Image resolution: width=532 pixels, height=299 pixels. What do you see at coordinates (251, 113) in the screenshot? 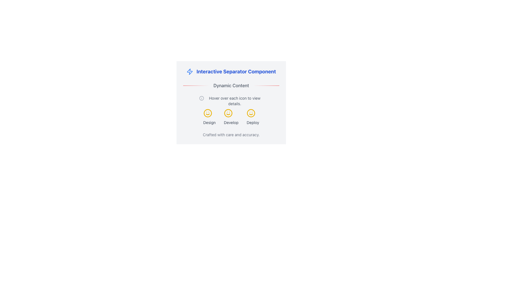
I see `the third circular smiling face icon, which is outlined in yellow and located under the 'Deploy' label` at bounding box center [251, 113].